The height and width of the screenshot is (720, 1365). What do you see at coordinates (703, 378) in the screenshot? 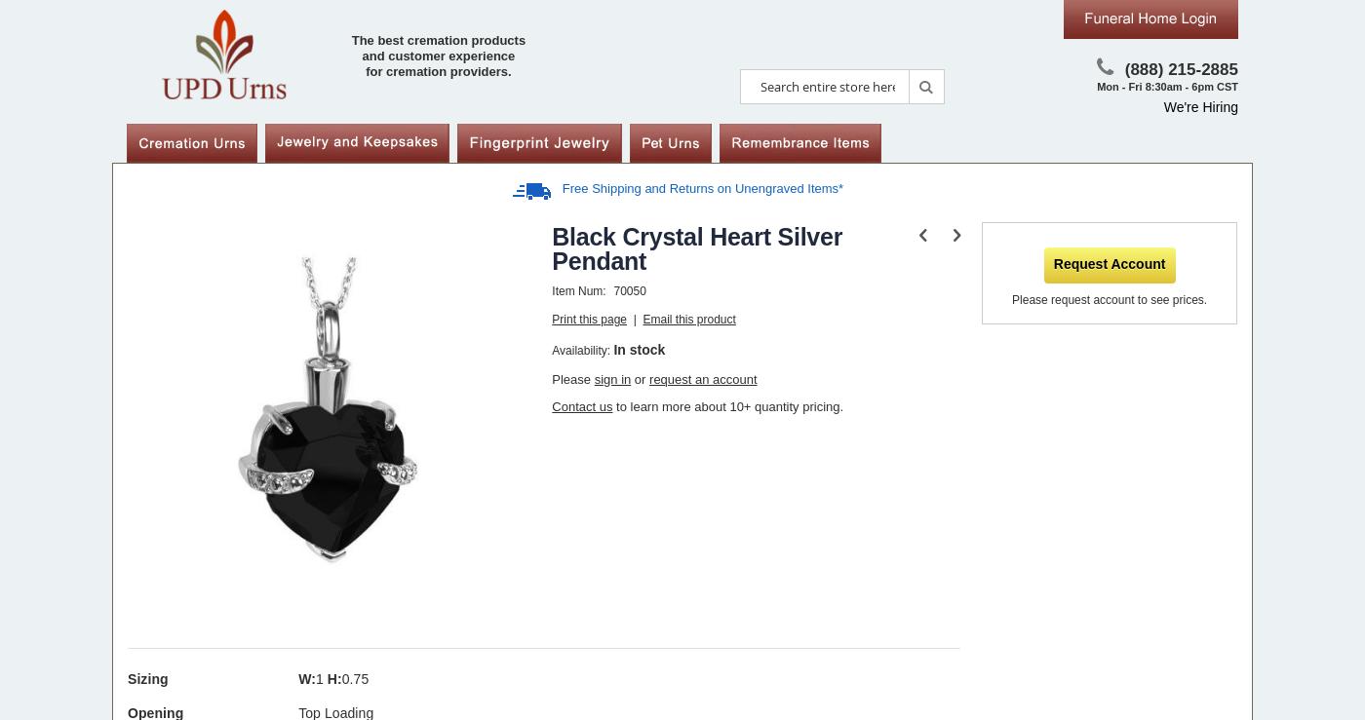
I see `'request an account'` at bounding box center [703, 378].